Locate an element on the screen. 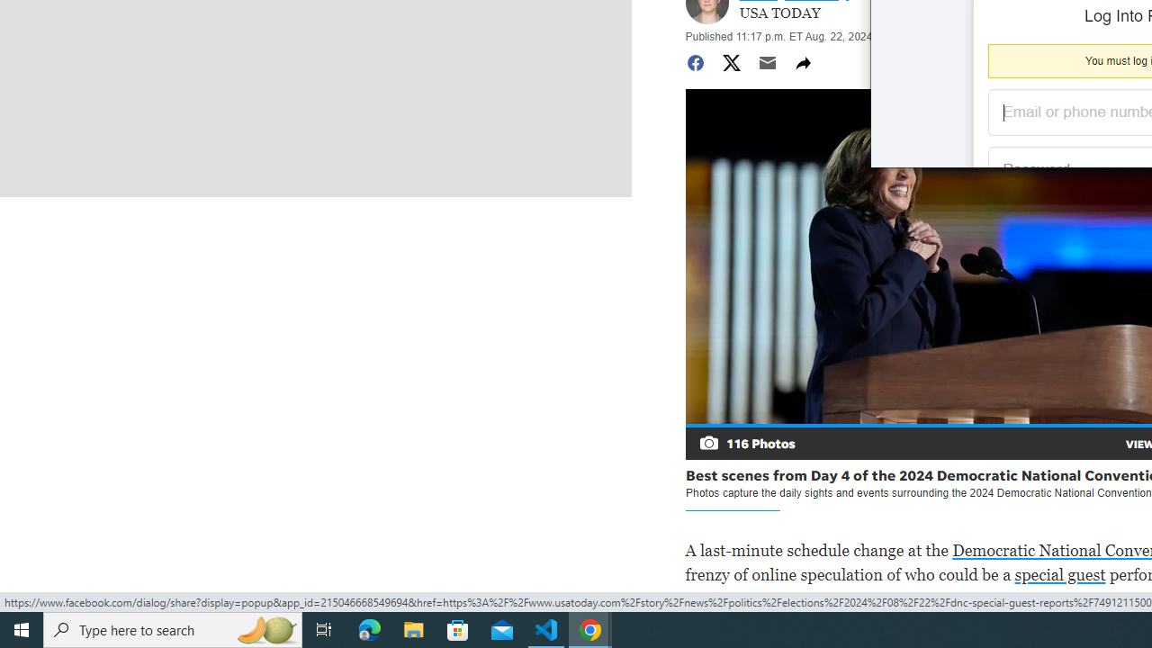 The height and width of the screenshot is (648, 1152). 'Type here to search' is located at coordinates (173, 628).